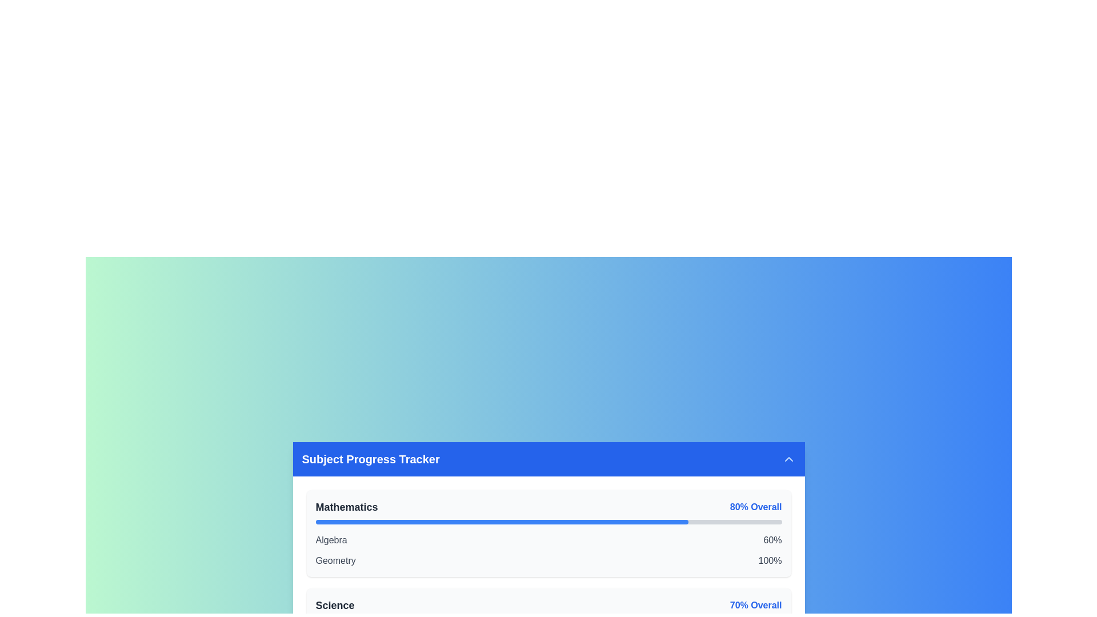  I want to click on the progress visually on the progress bar representing the 'Mathematics' category, which shows 80% completion, so click(548, 522).